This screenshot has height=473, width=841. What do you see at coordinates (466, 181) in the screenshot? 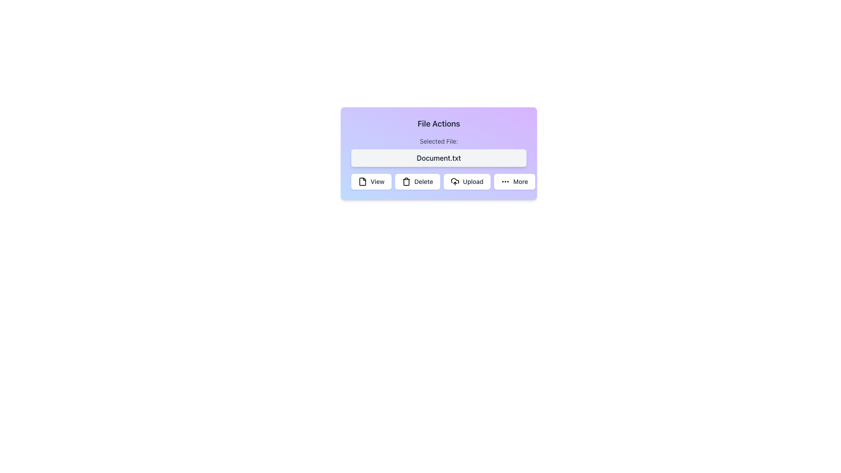
I see `the 'Upload' button, which is the third button in the 'File Actions' section` at bounding box center [466, 181].